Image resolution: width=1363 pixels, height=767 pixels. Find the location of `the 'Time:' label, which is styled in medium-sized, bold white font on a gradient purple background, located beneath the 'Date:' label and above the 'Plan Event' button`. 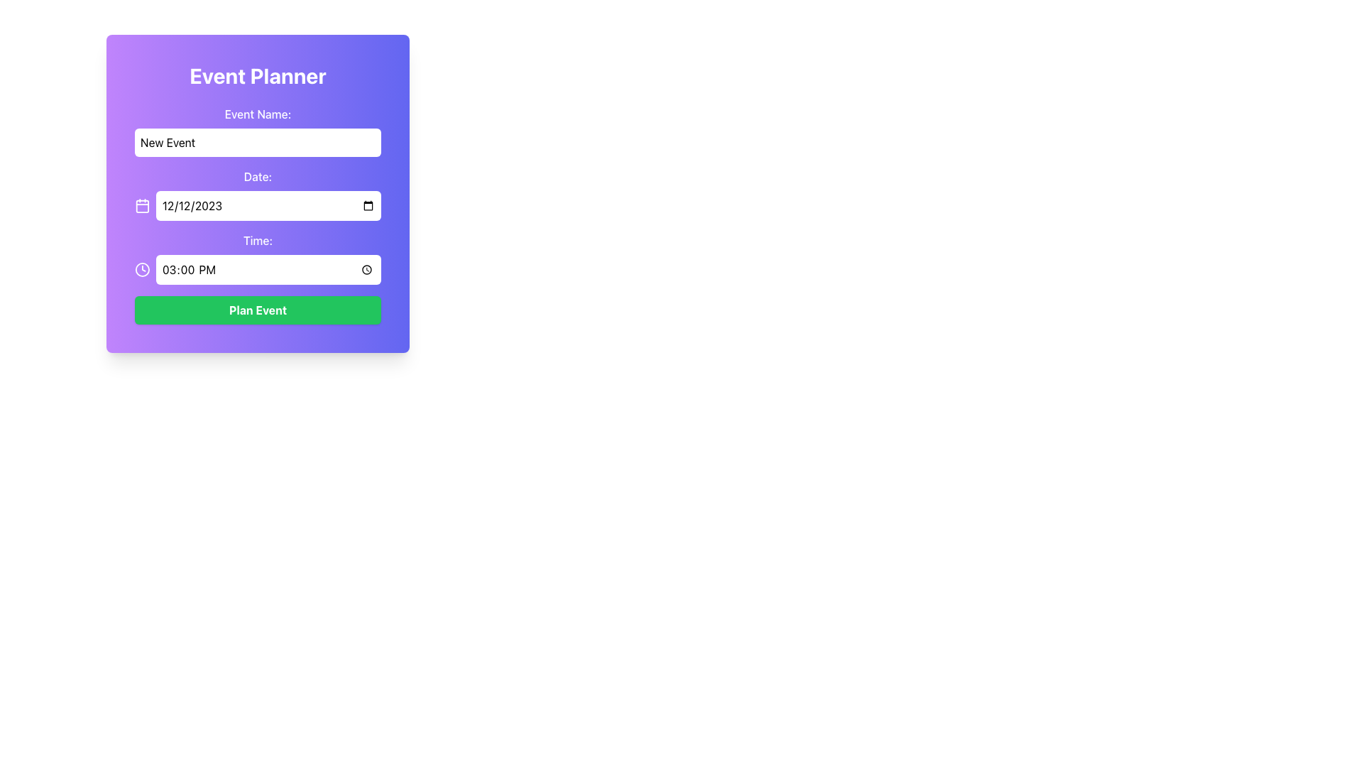

the 'Time:' label, which is styled in medium-sized, bold white font on a gradient purple background, located beneath the 'Date:' label and above the 'Plan Event' button is located at coordinates (258, 258).